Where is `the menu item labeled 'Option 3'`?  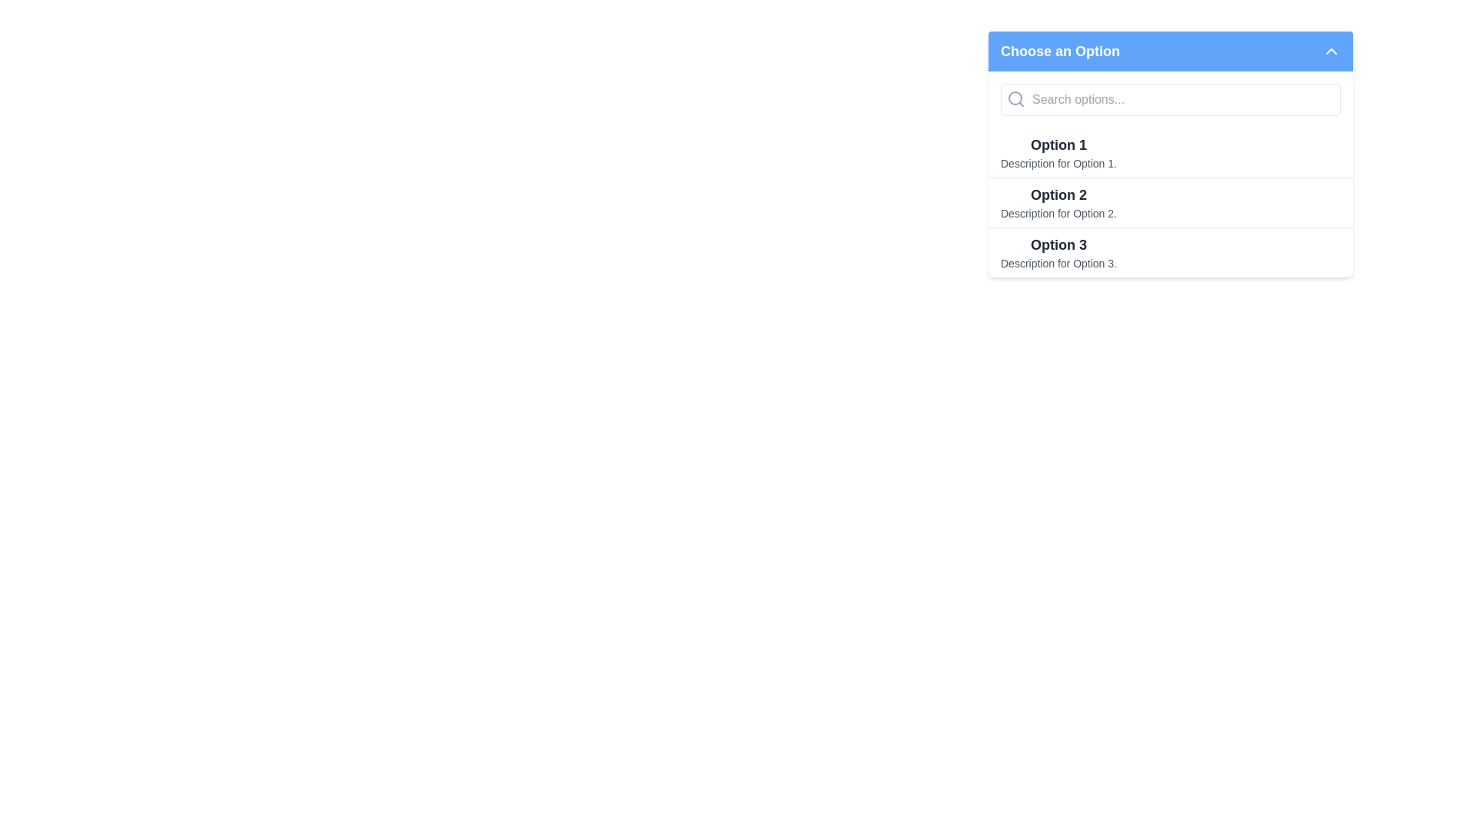
the menu item labeled 'Option 3' is located at coordinates (1169, 251).